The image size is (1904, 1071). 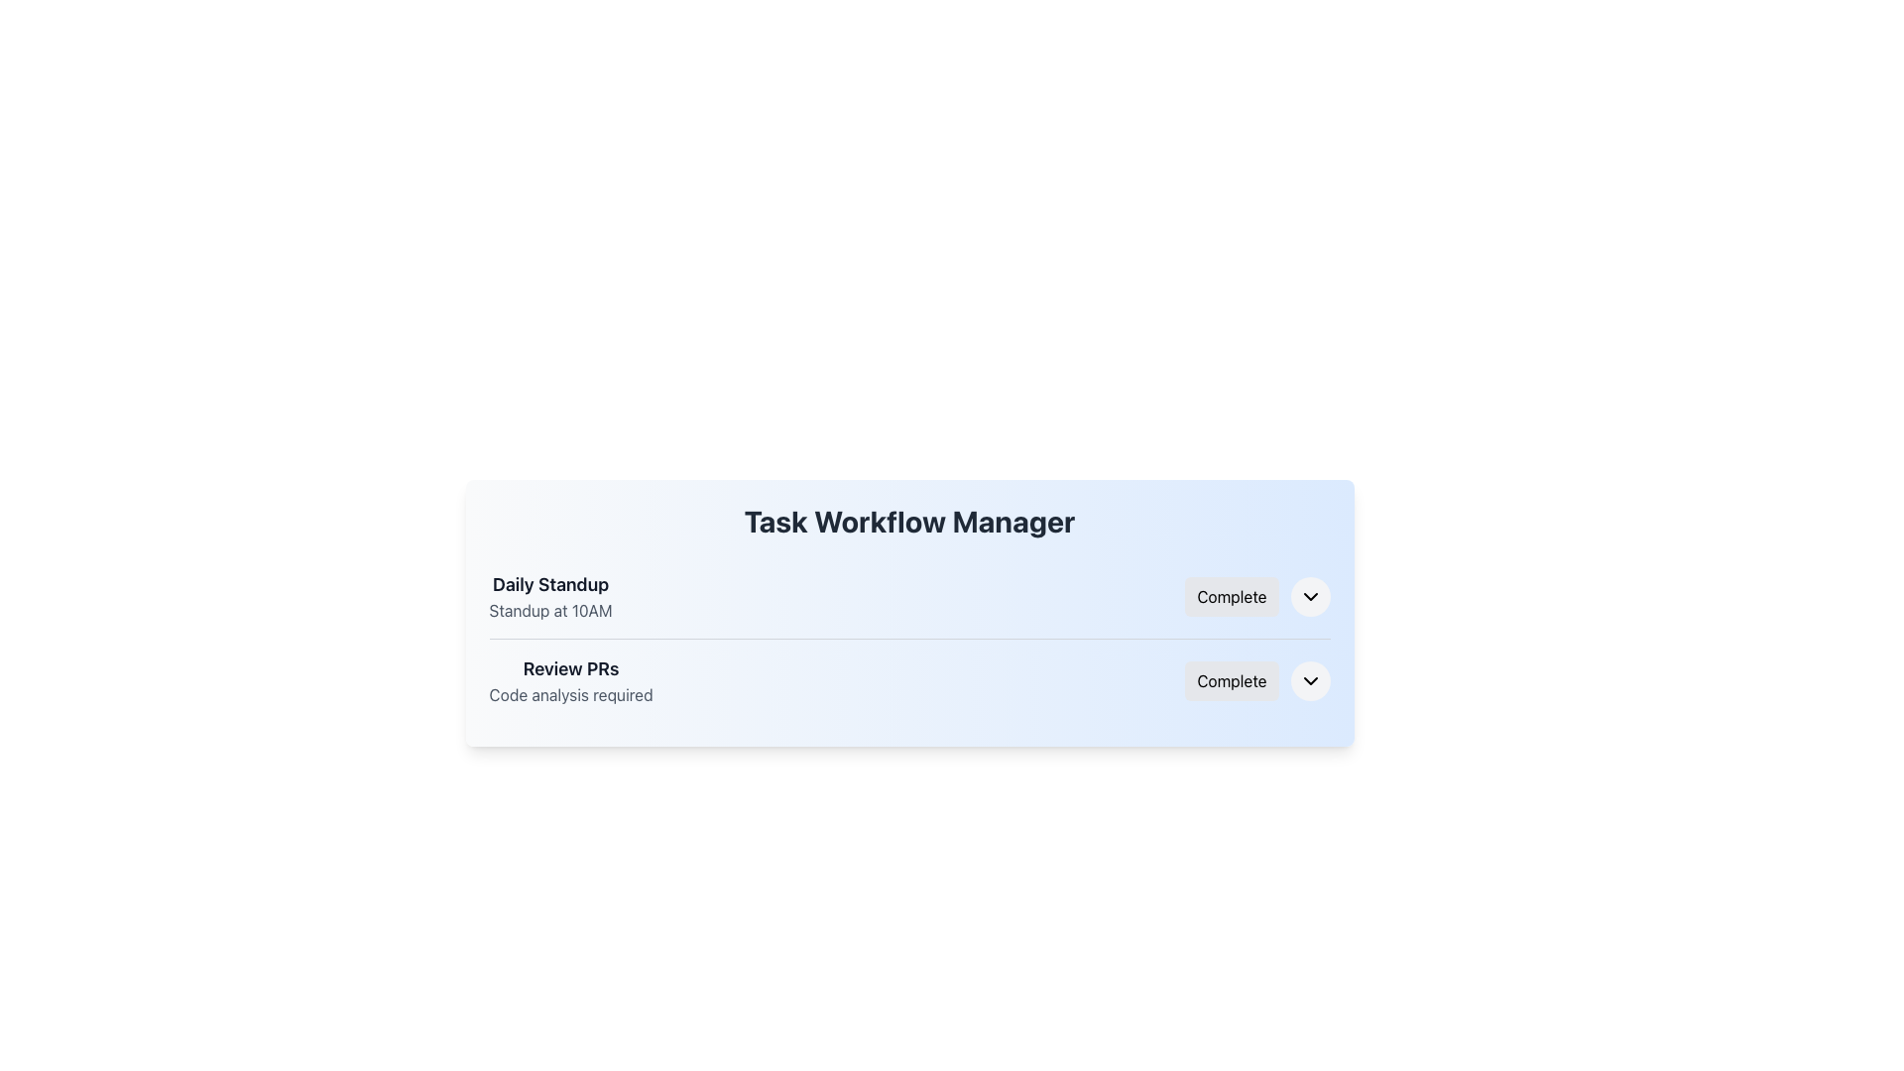 I want to click on the multi-line text display element that includes 'Review PRs' in dark gray and 'Code analysis required' in lighter gray, positioned above the 'Complete' button in the Task Workflow Manager section, so click(x=570, y=679).